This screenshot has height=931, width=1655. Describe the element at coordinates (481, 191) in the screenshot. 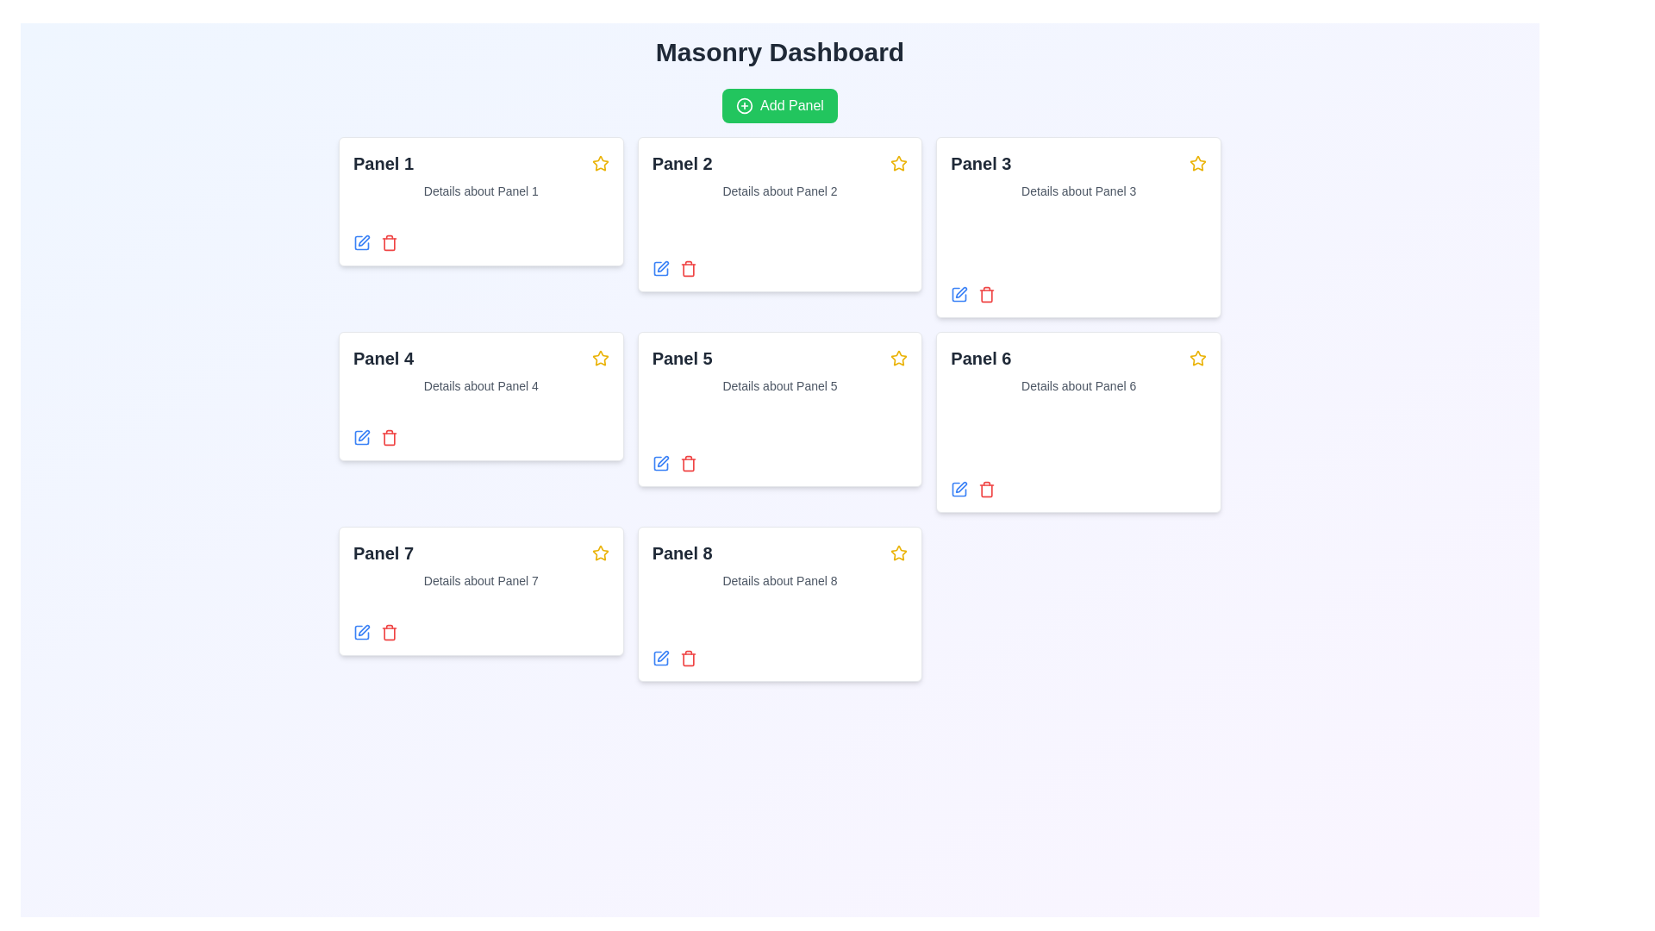

I see `descriptive text provided in the text block located below the heading 'Panel 1' inside the first card in the top-left section of the grid` at that location.